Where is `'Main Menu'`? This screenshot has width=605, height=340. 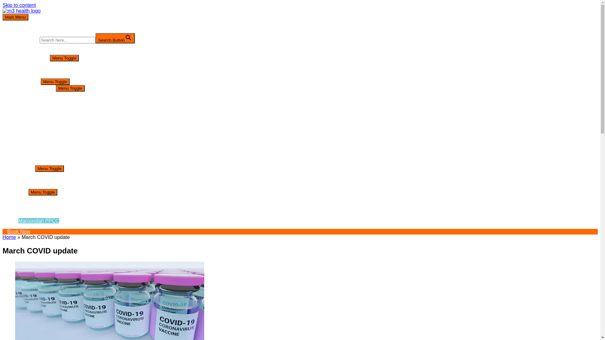 'Main Menu' is located at coordinates (3, 17).